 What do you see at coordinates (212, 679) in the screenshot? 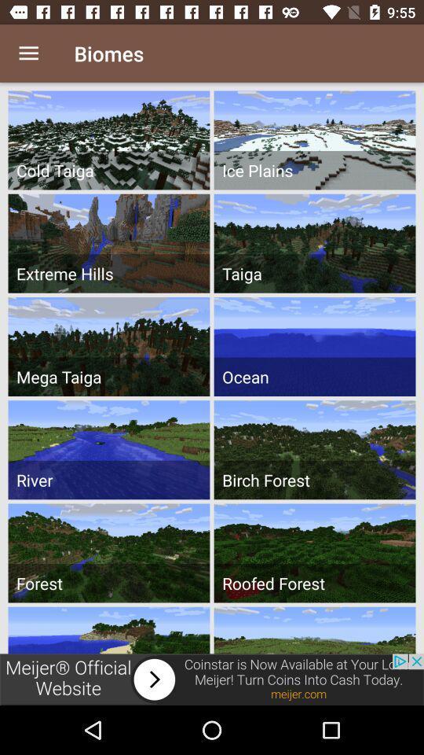
I see `next` at bounding box center [212, 679].